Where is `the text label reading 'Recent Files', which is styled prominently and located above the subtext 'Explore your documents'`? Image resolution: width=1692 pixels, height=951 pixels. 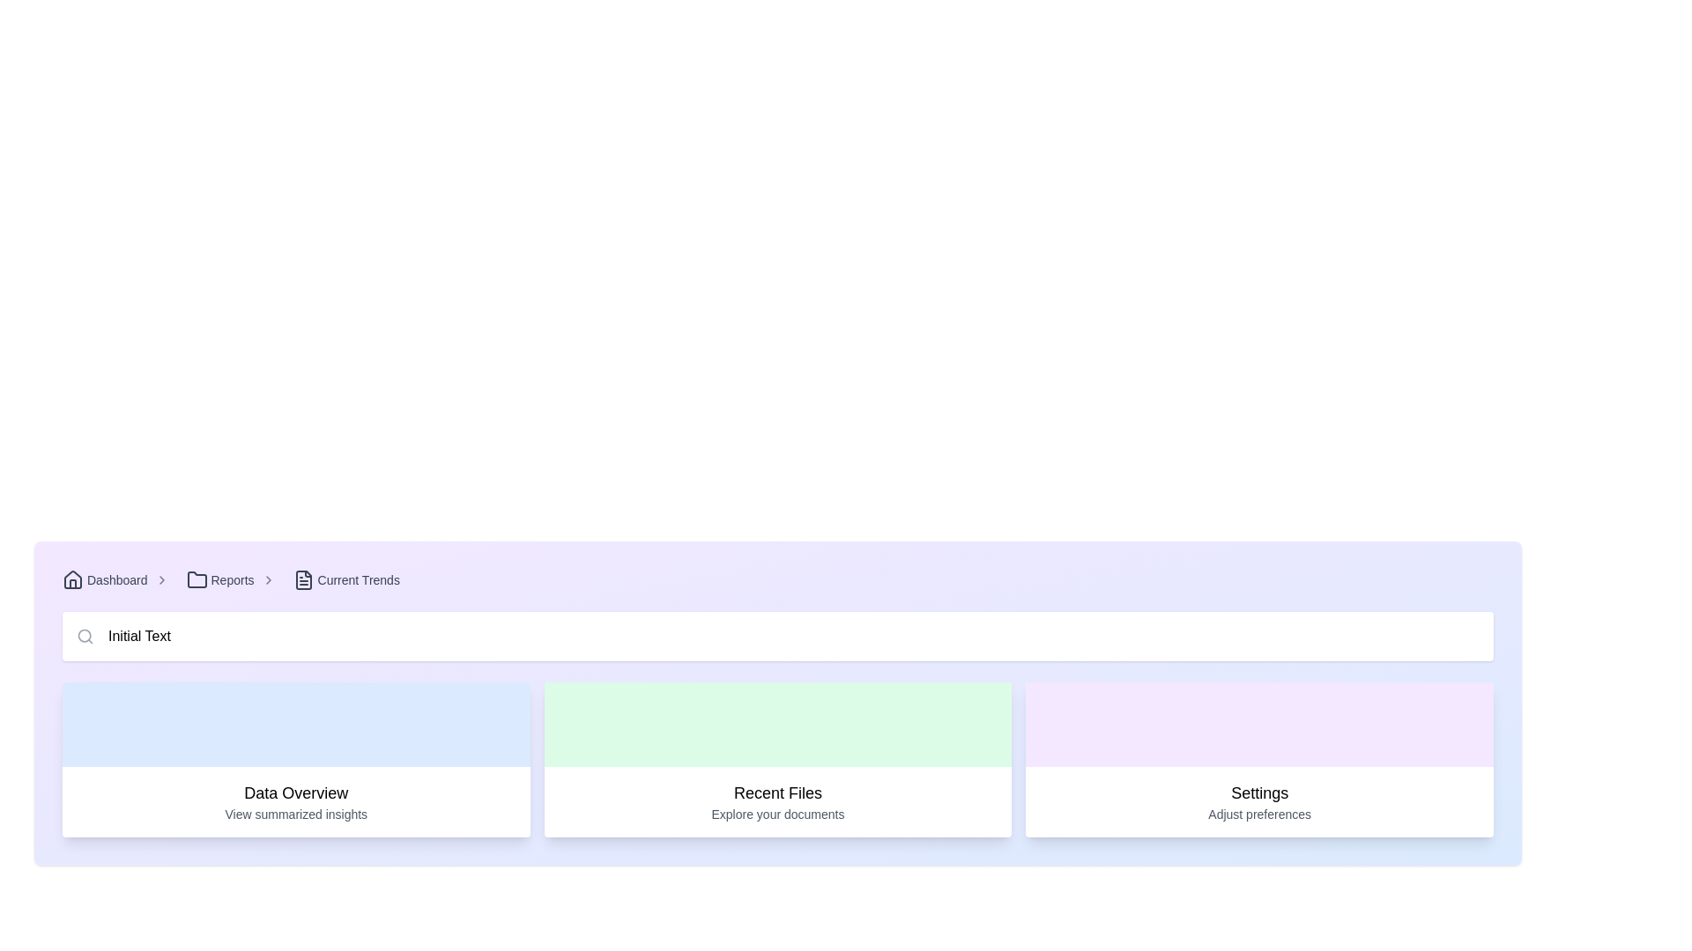
the text label reading 'Recent Files', which is styled prominently and located above the subtext 'Explore your documents' is located at coordinates (777, 793).